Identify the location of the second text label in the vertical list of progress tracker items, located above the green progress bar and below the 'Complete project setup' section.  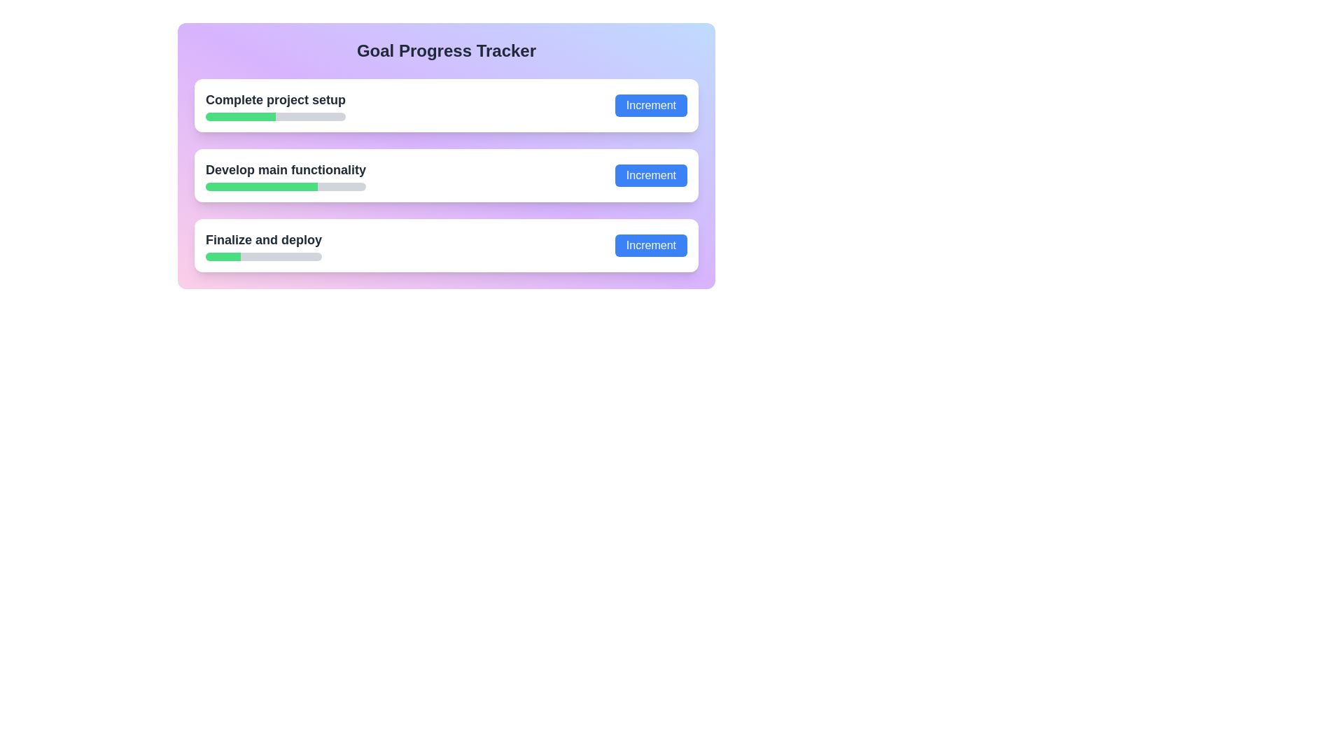
(285, 169).